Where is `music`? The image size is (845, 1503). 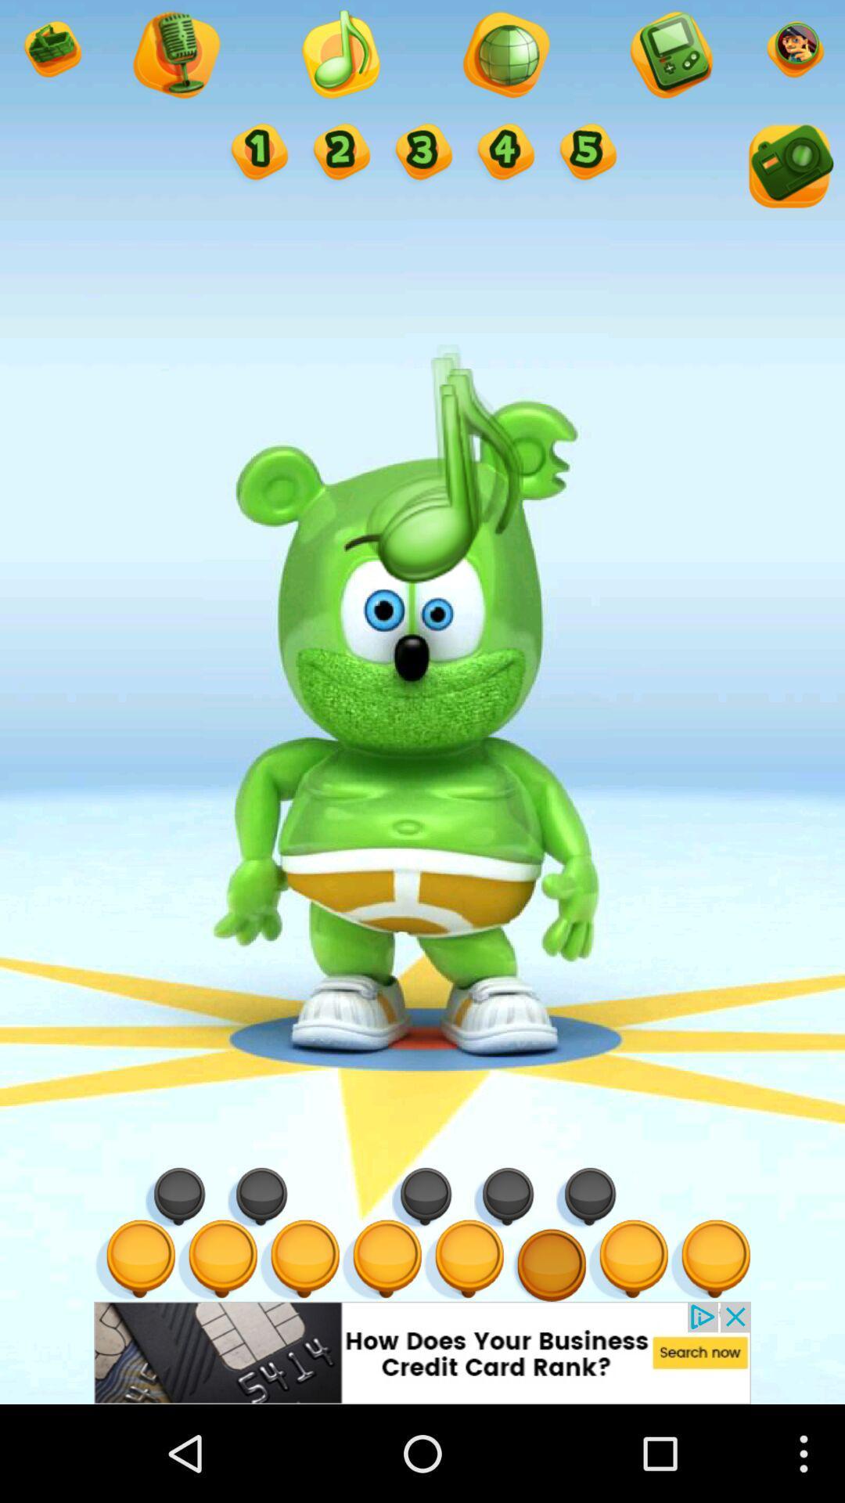 music is located at coordinates (339, 56).